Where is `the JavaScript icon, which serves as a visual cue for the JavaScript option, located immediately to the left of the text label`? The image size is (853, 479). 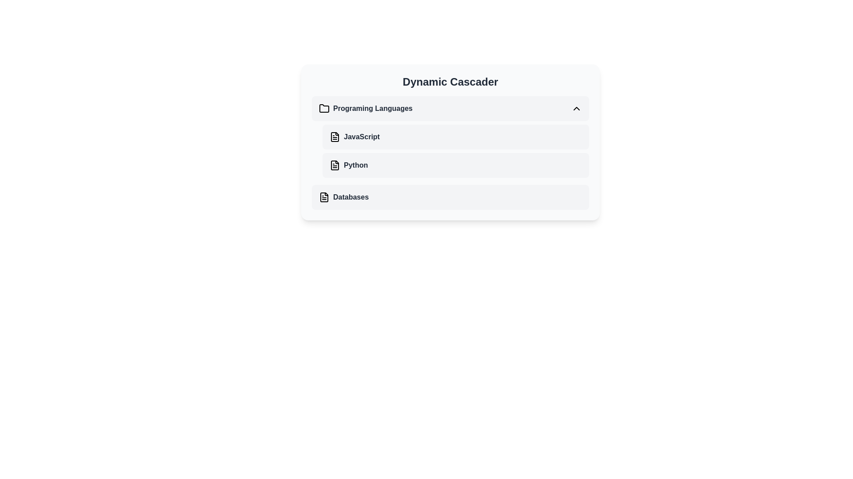 the JavaScript icon, which serves as a visual cue for the JavaScript option, located immediately to the left of the text label is located at coordinates (334, 137).